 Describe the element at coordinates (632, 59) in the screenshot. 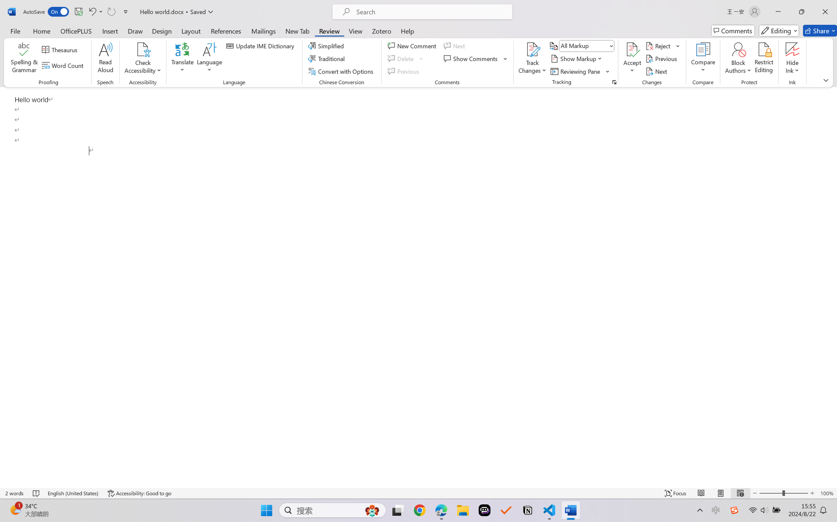

I see `'Accept'` at that location.